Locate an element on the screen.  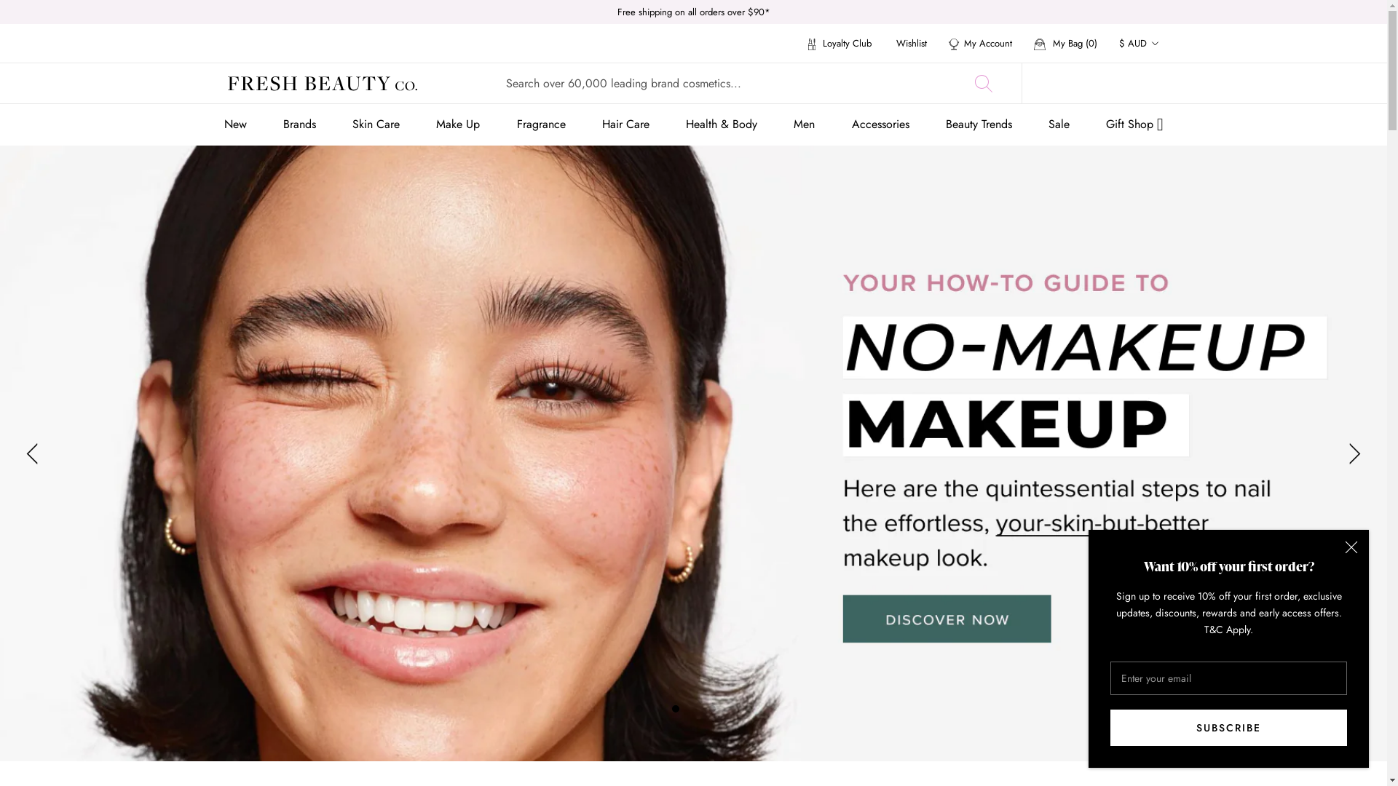
'Health & Body is located at coordinates (684, 123).